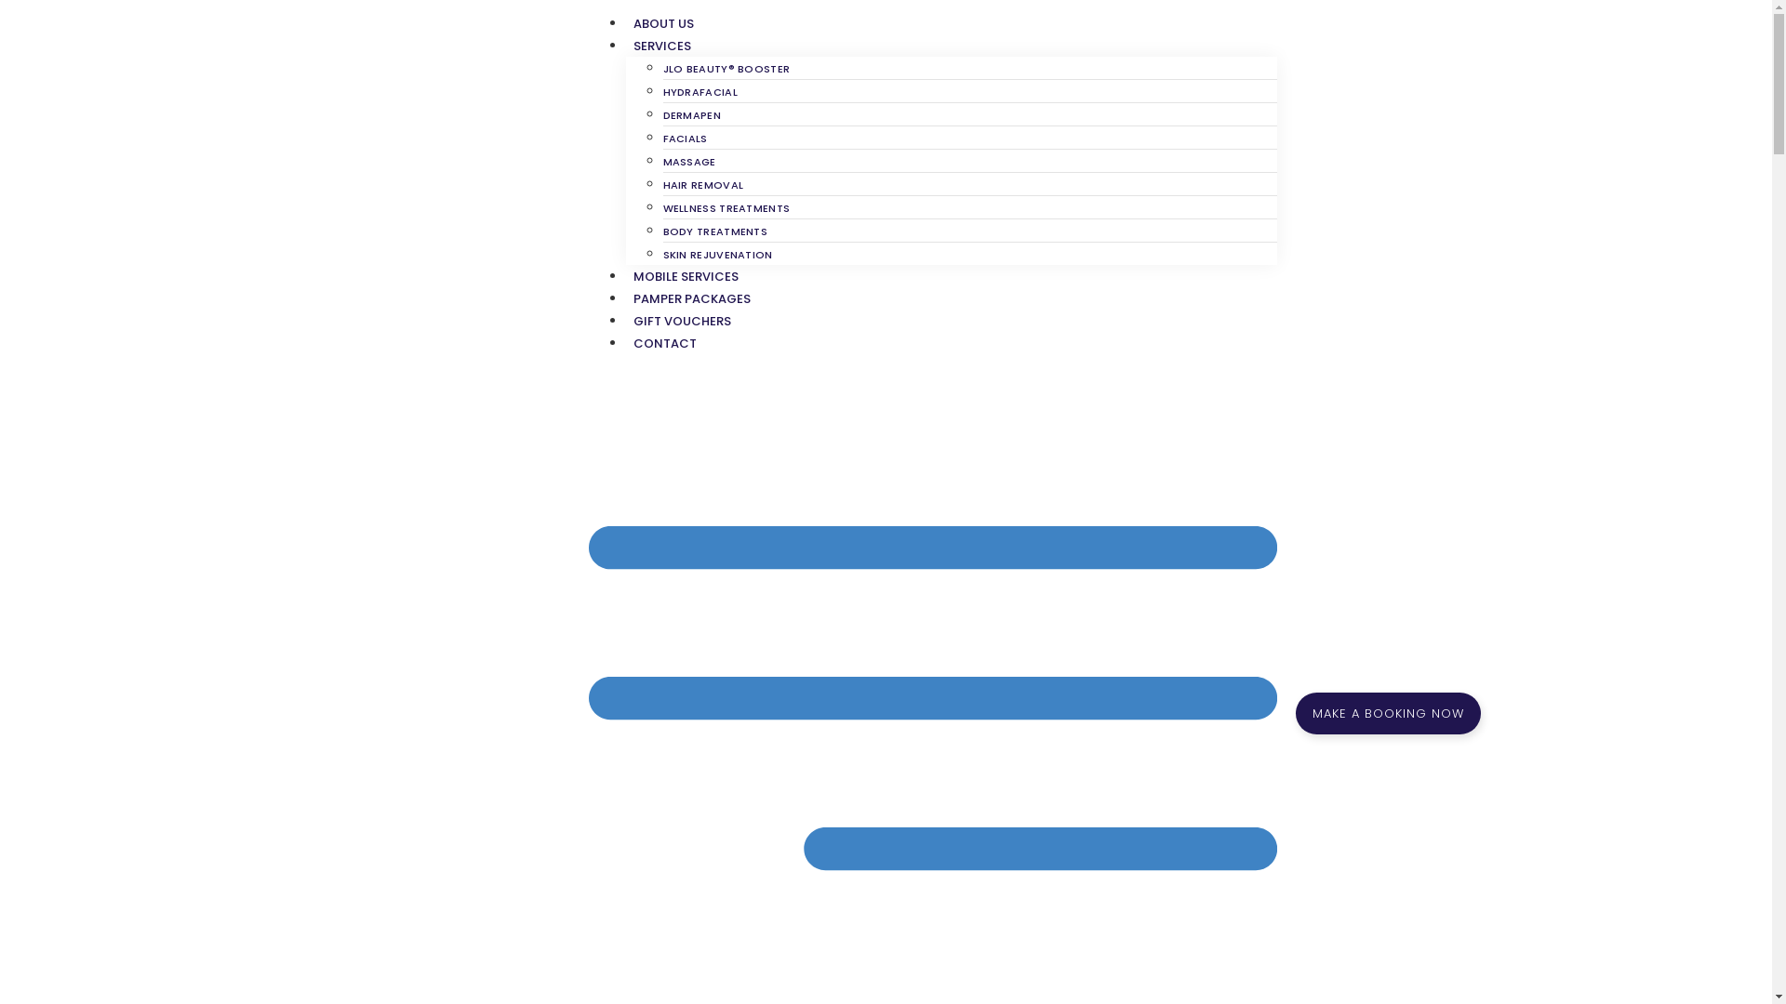  I want to click on 'SERVICES', so click(660, 45).